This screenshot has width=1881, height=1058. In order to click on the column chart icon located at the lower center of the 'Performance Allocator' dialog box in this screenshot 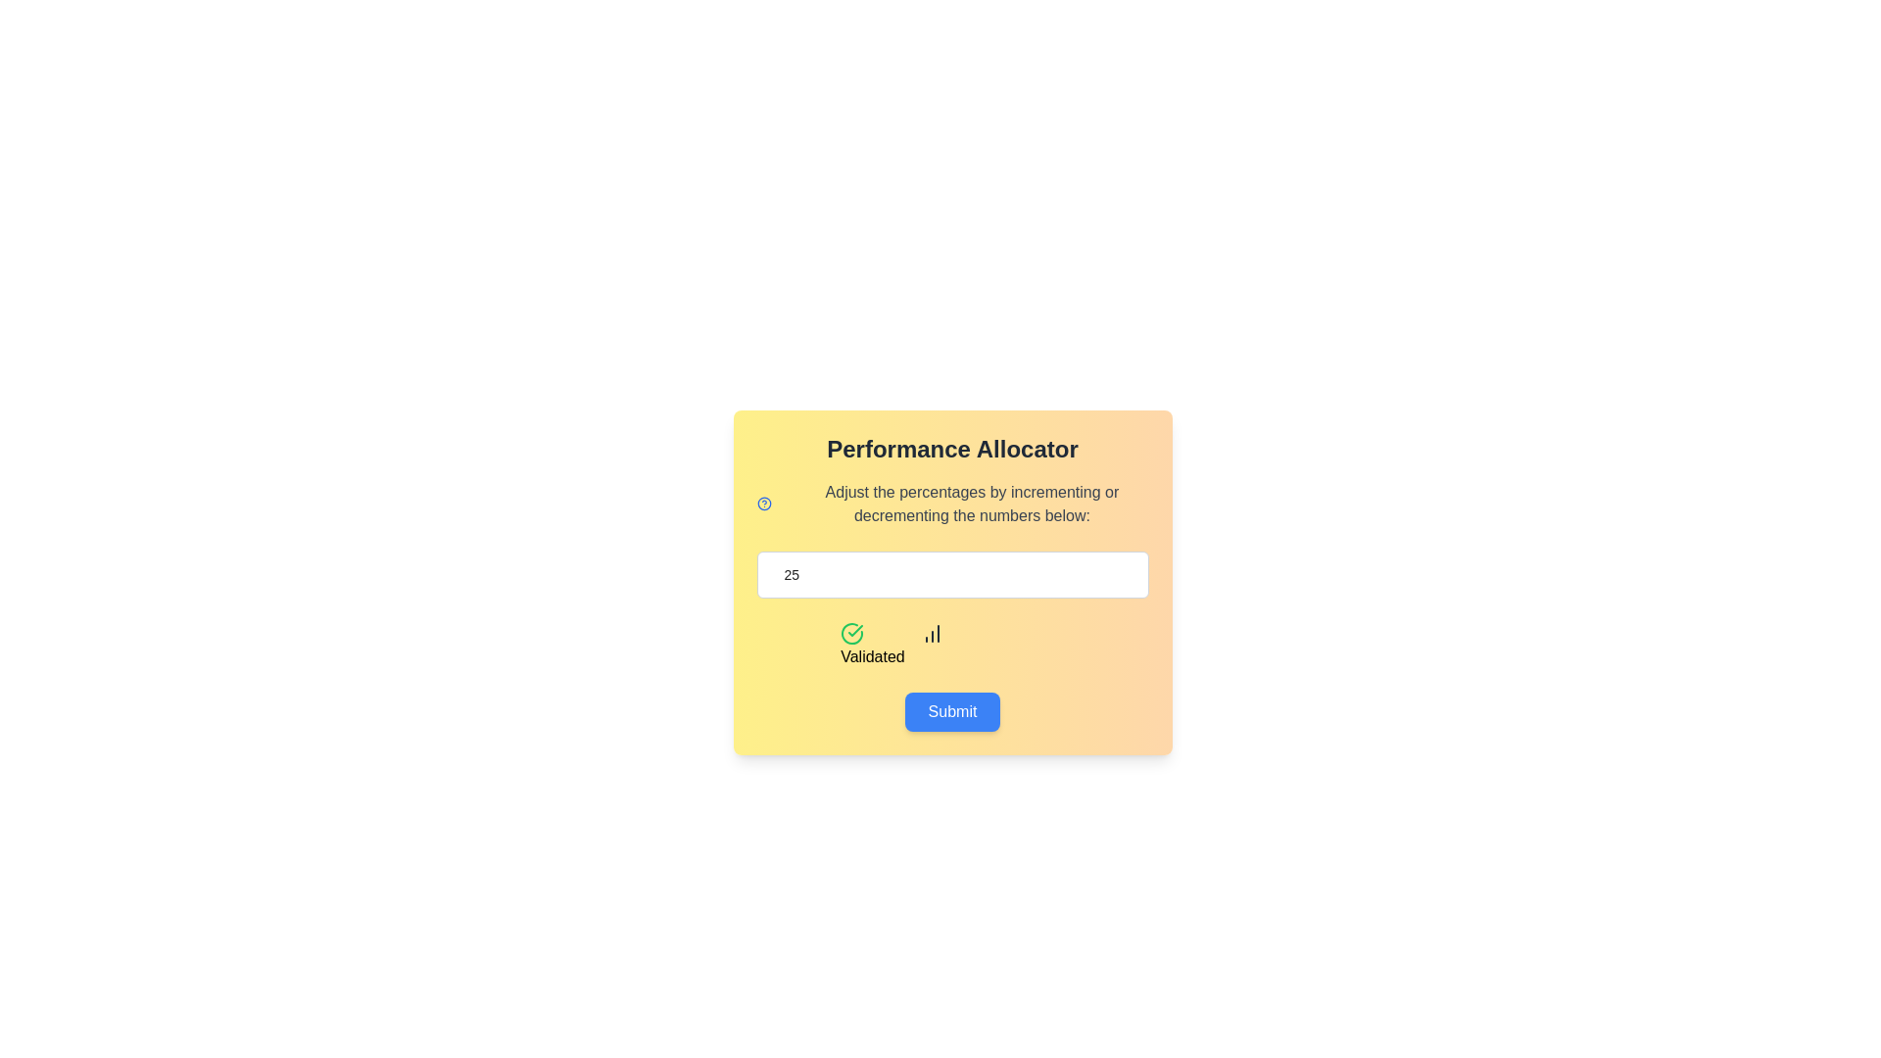, I will do `click(931, 634)`.